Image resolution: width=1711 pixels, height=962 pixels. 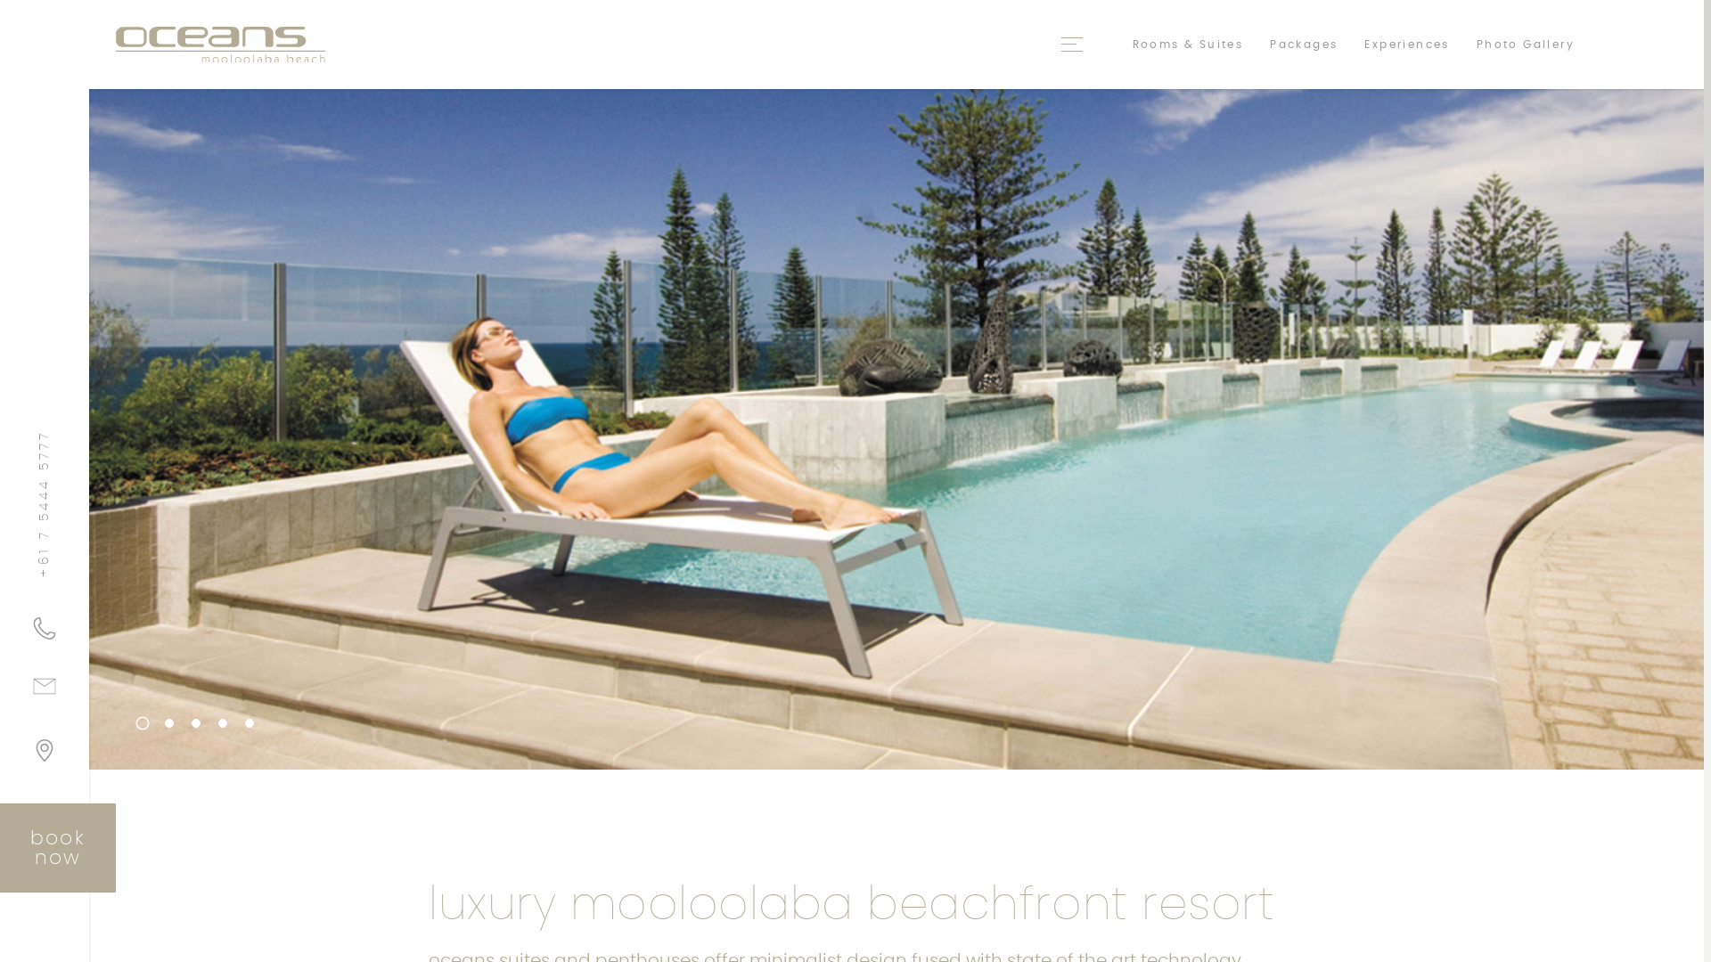 What do you see at coordinates (45, 756) in the screenshot?
I see `'Find Us'` at bounding box center [45, 756].